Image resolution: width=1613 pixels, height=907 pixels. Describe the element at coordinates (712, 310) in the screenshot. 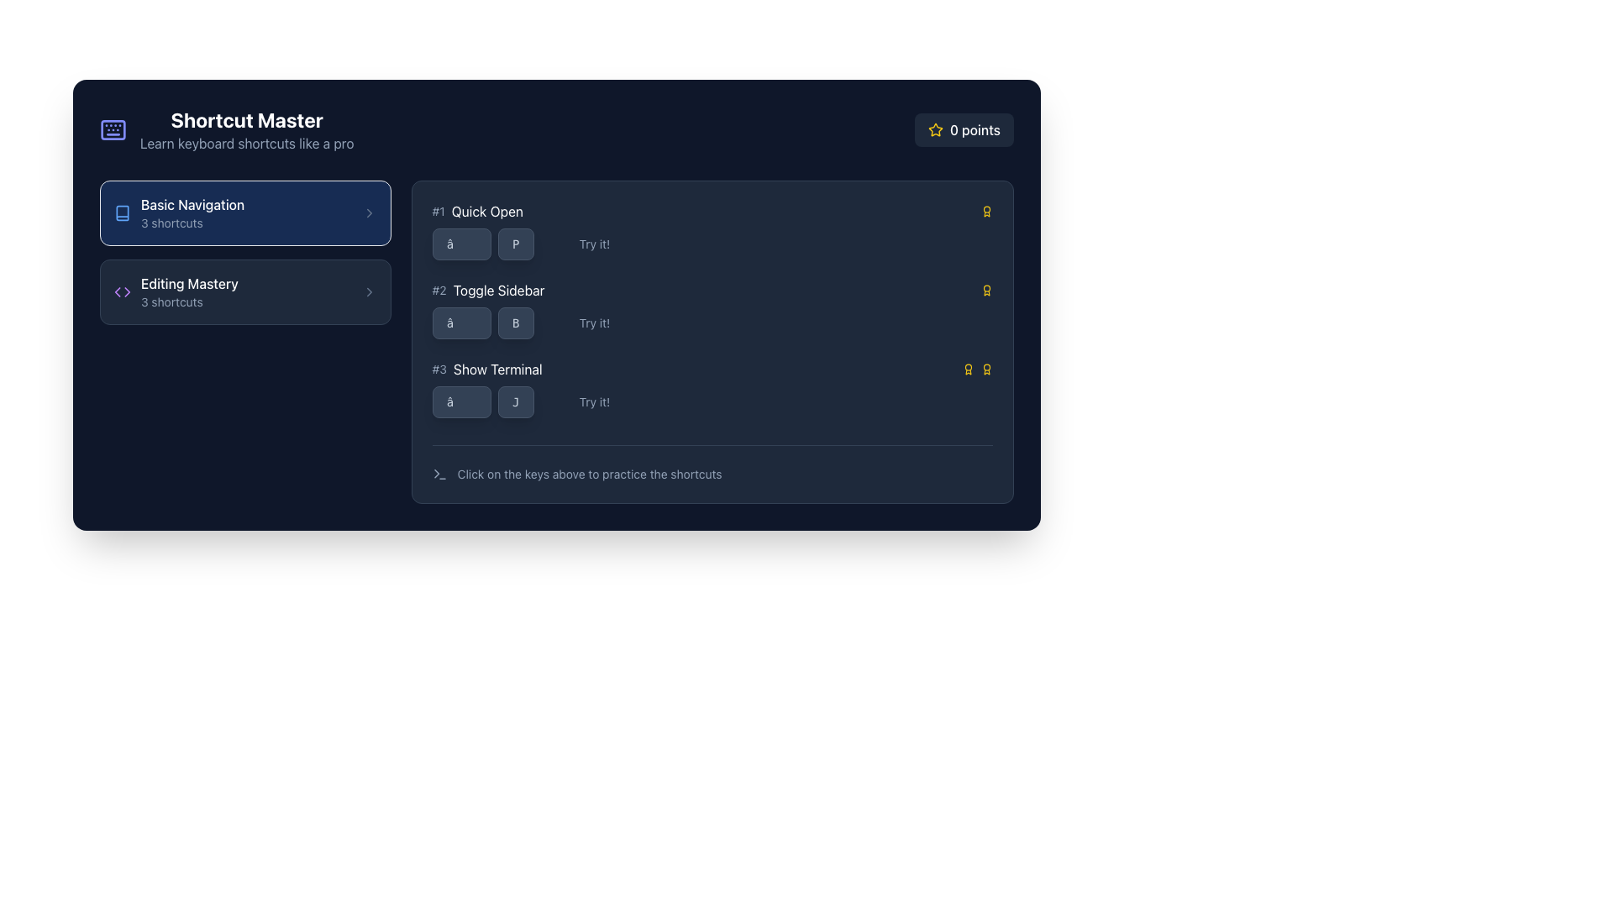

I see `the second row labeled '#2 Toggle Sidebar' which contains buttons 'â', 'B', and 'Try it!'` at that location.